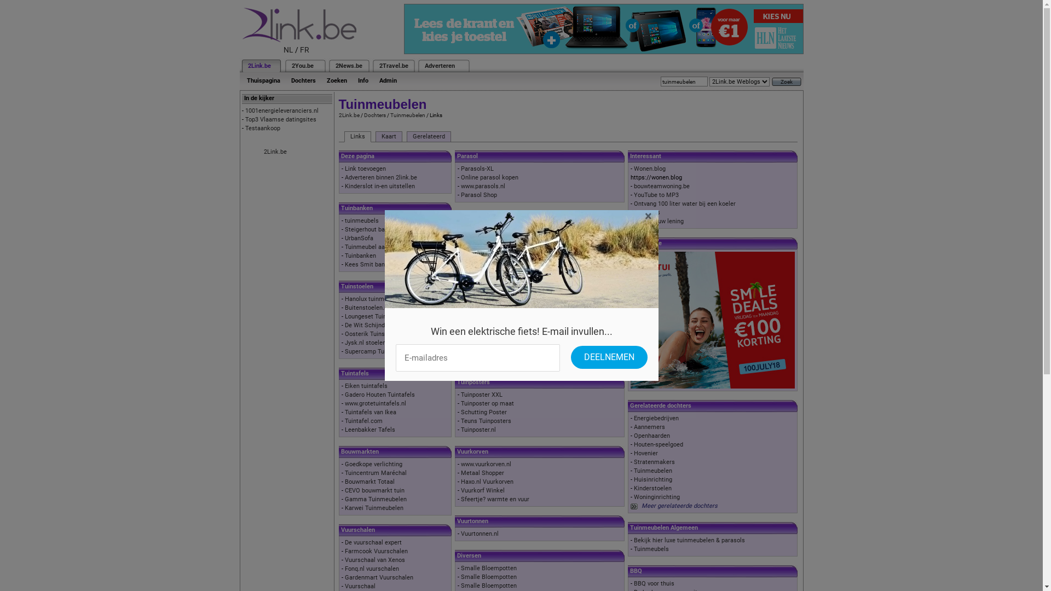 This screenshot has width=1051, height=591. I want to click on 'Testaankoop', so click(263, 128).